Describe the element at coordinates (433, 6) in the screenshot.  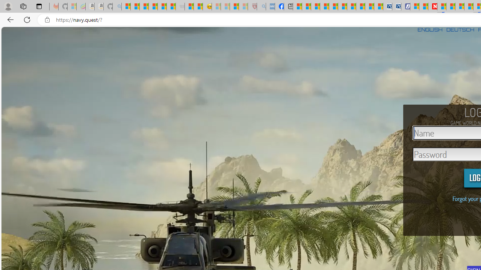
I see `'Latest Politics News & Archive | Newsweek.com'` at that location.